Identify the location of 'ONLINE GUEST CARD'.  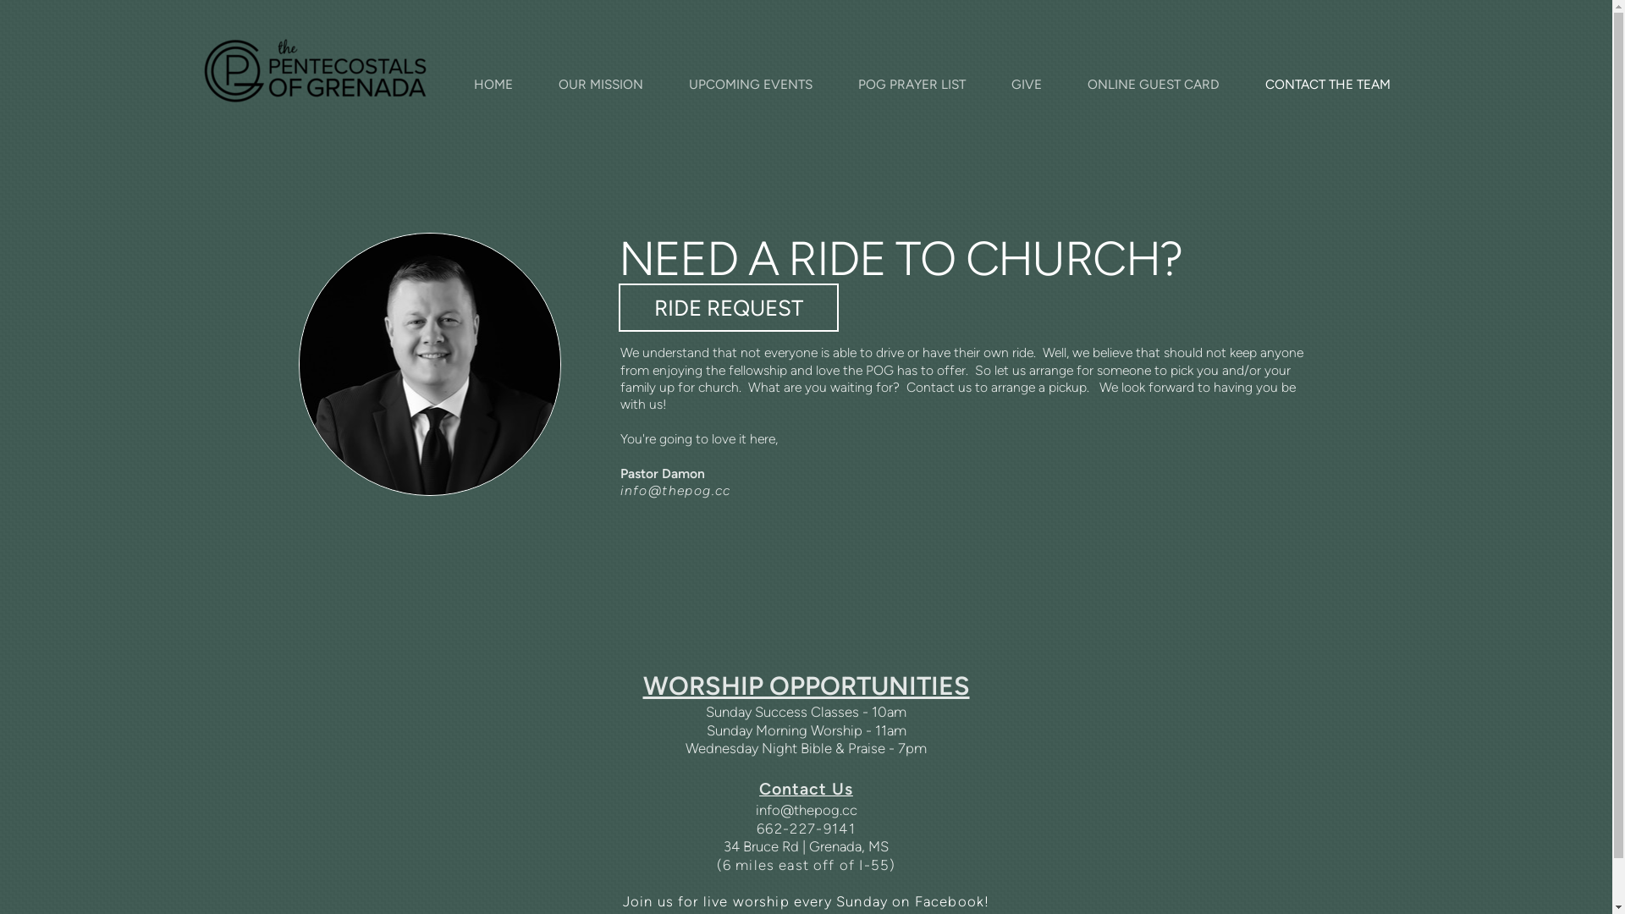
(1153, 84).